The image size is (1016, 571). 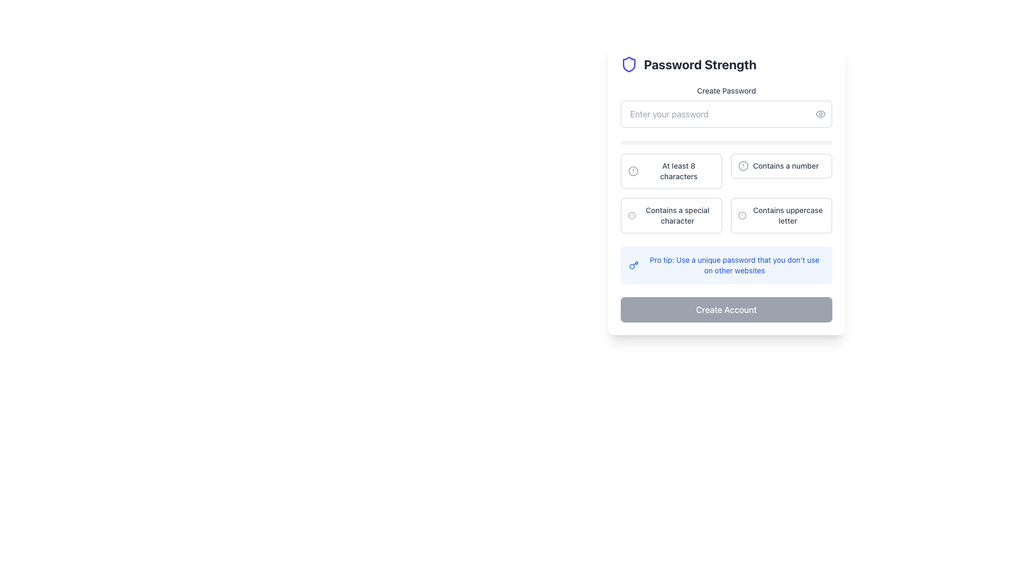 I want to click on the SVG circle element that is part of the password strength section, located to the left of the 'Contains a number' requirement text, so click(x=743, y=165).